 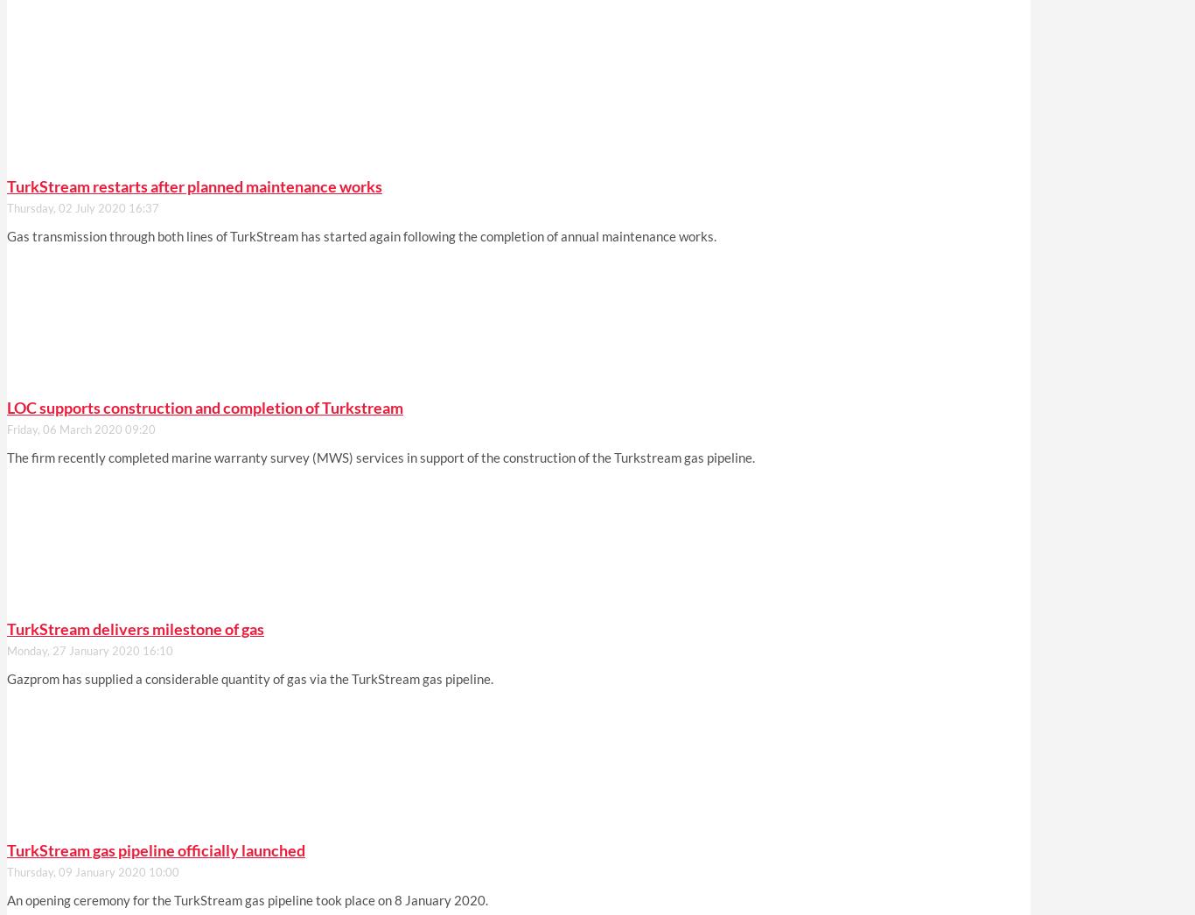 I want to click on 'Thursday, 02 July 2020 16:37', so click(x=82, y=207).